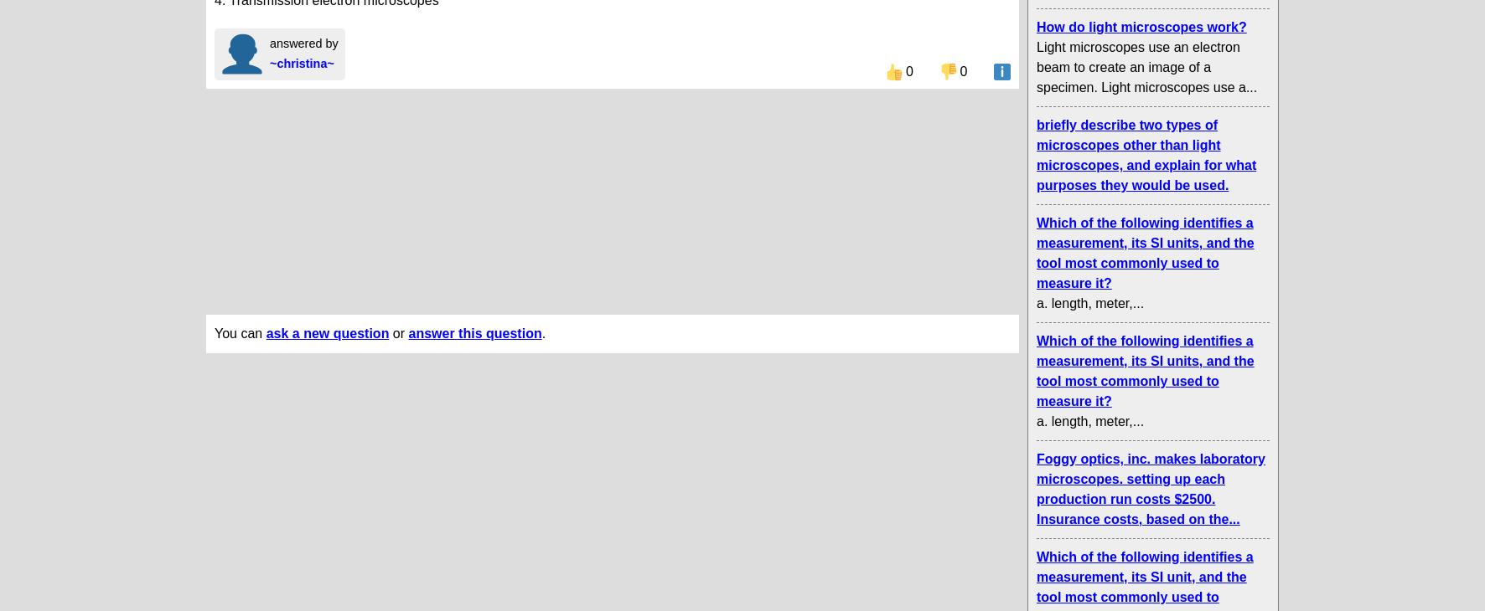 Image resolution: width=1485 pixels, height=611 pixels. I want to click on 'How do light microscopes work?', so click(1140, 26).